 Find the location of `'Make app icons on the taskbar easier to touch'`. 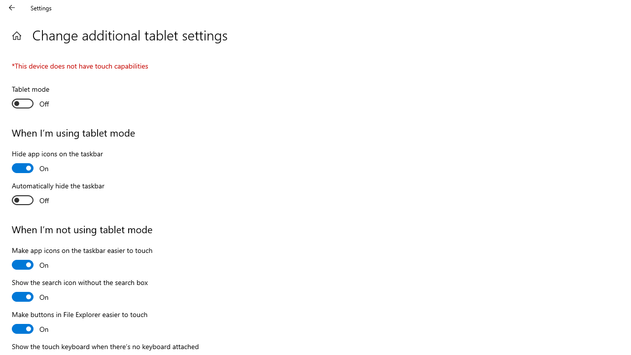

'Make app icons on the taskbar easier to touch' is located at coordinates (82, 258).